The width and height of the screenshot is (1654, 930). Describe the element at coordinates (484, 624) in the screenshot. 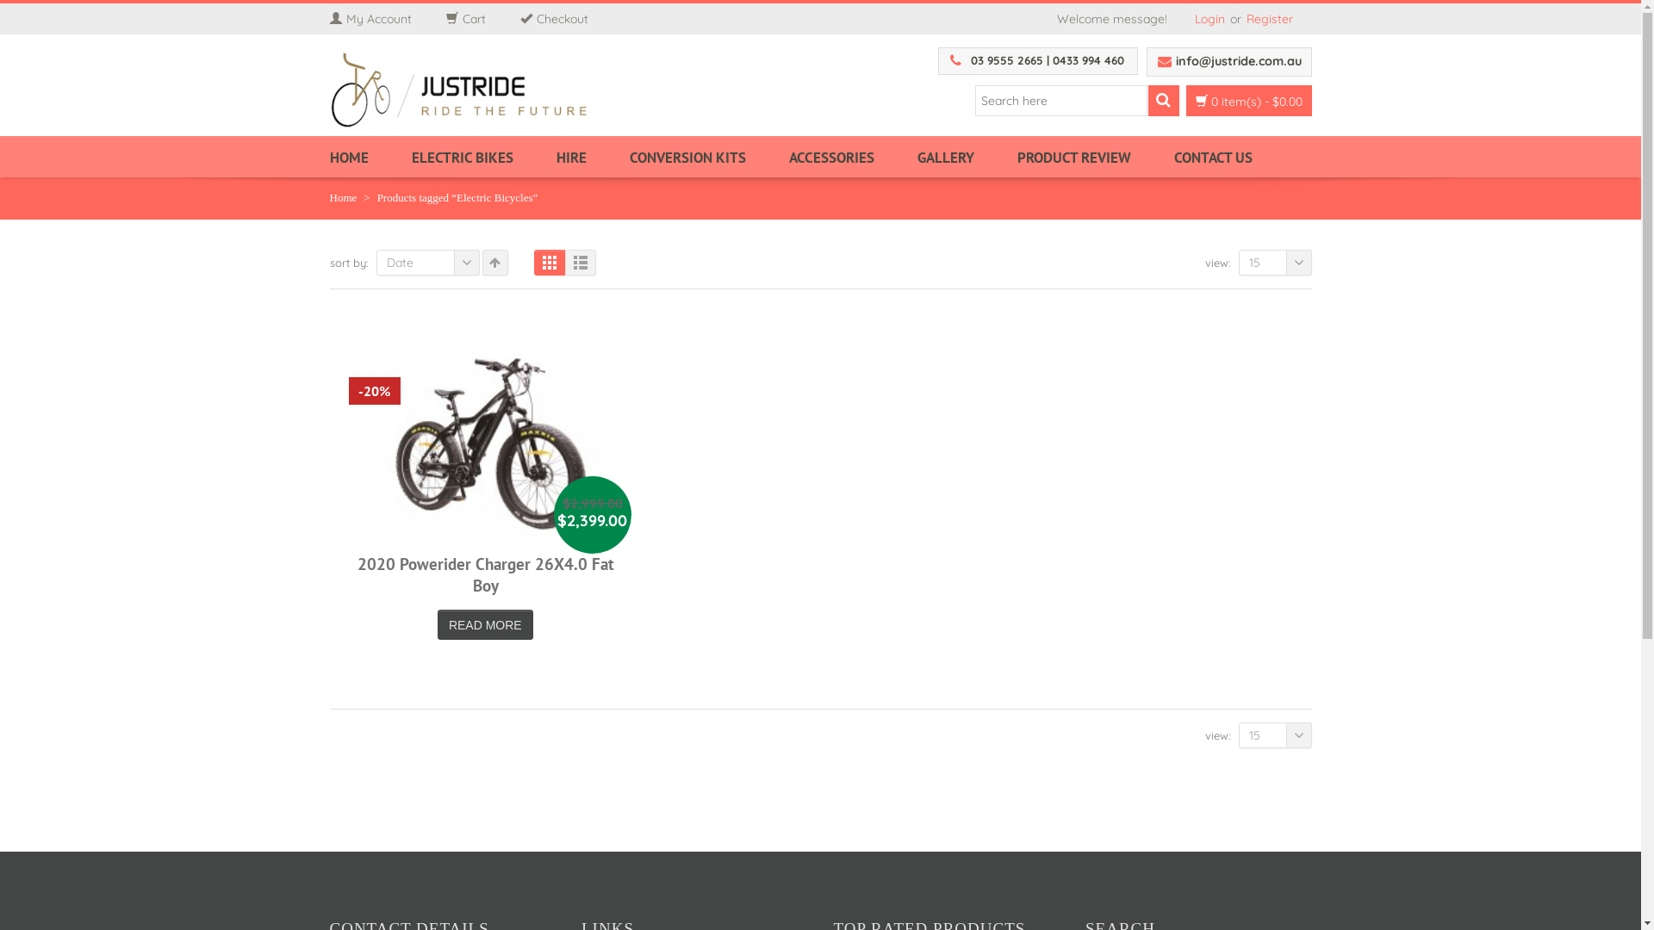

I see `'READ MORE'` at that location.